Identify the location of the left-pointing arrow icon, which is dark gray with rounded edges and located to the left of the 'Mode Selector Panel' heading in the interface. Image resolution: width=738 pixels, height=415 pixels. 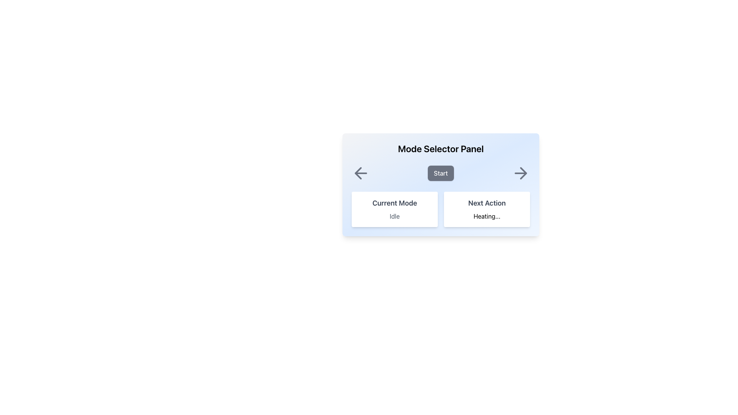
(357, 173).